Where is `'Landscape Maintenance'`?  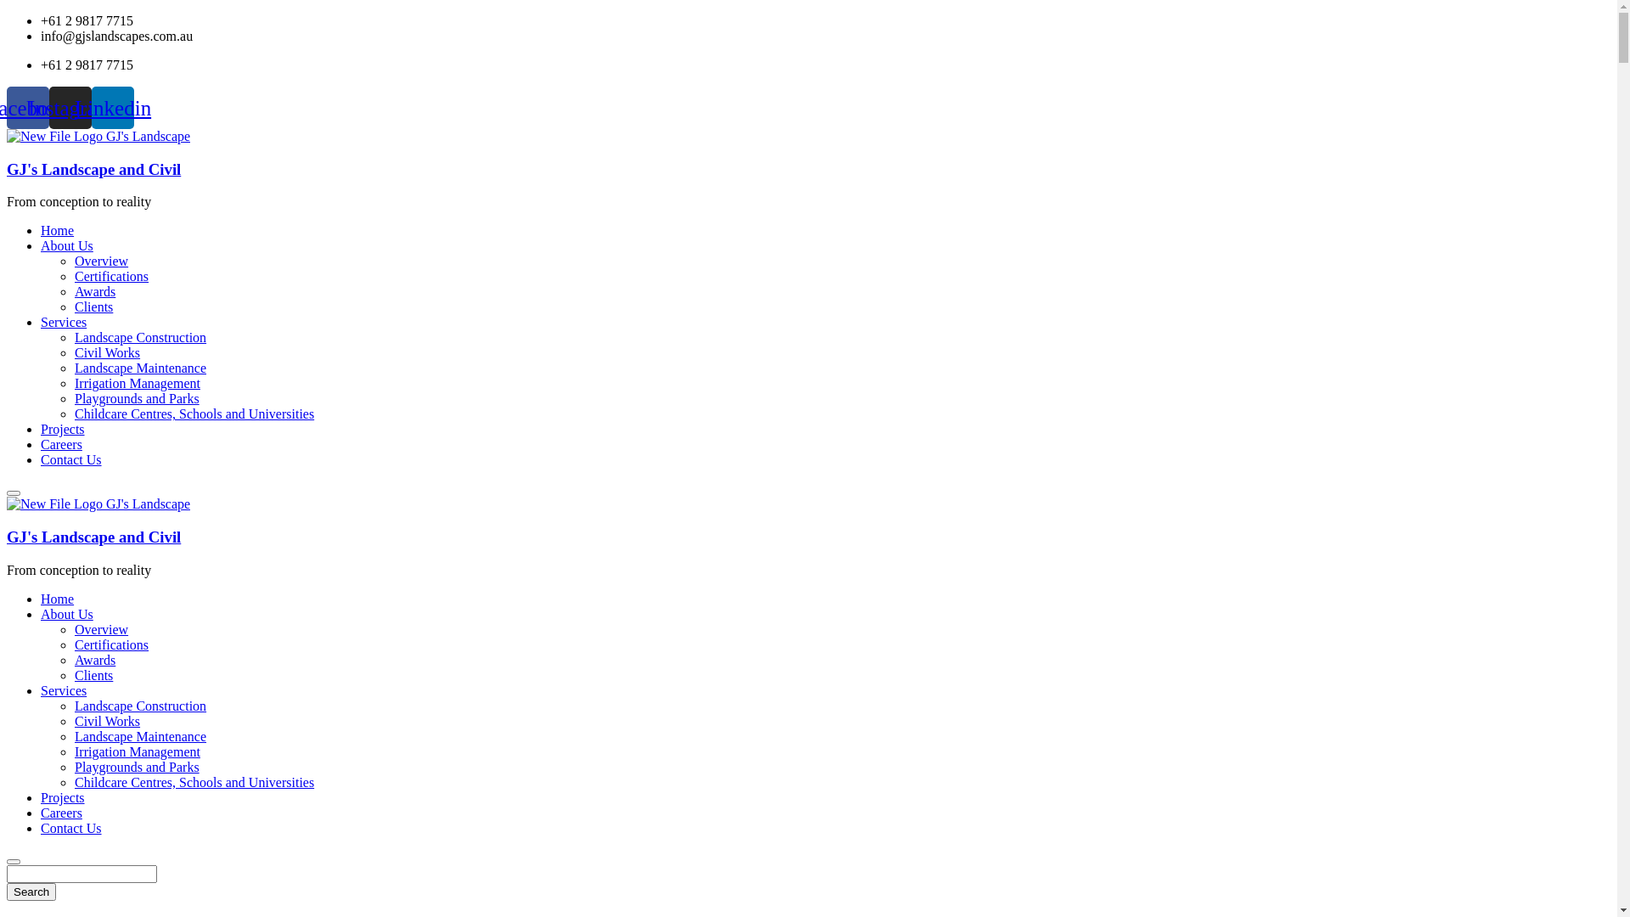
'Landscape Maintenance' is located at coordinates (140, 367).